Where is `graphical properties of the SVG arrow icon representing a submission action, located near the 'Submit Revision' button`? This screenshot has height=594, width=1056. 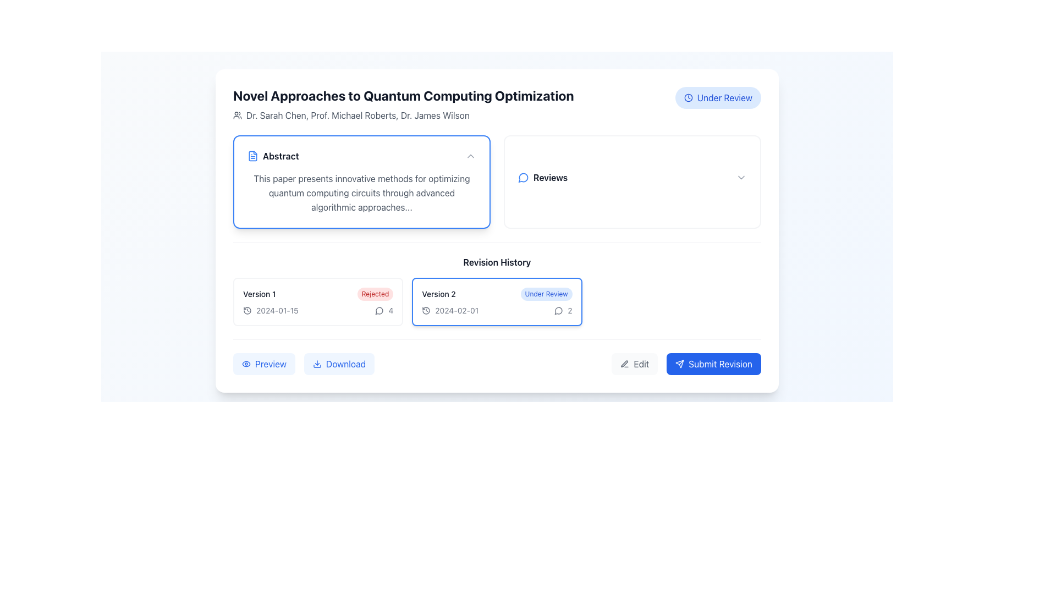
graphical properties of the SVG arrow icon representing a submission action, located near the 'Submit Revision' button is located at coordinates (679, 364).